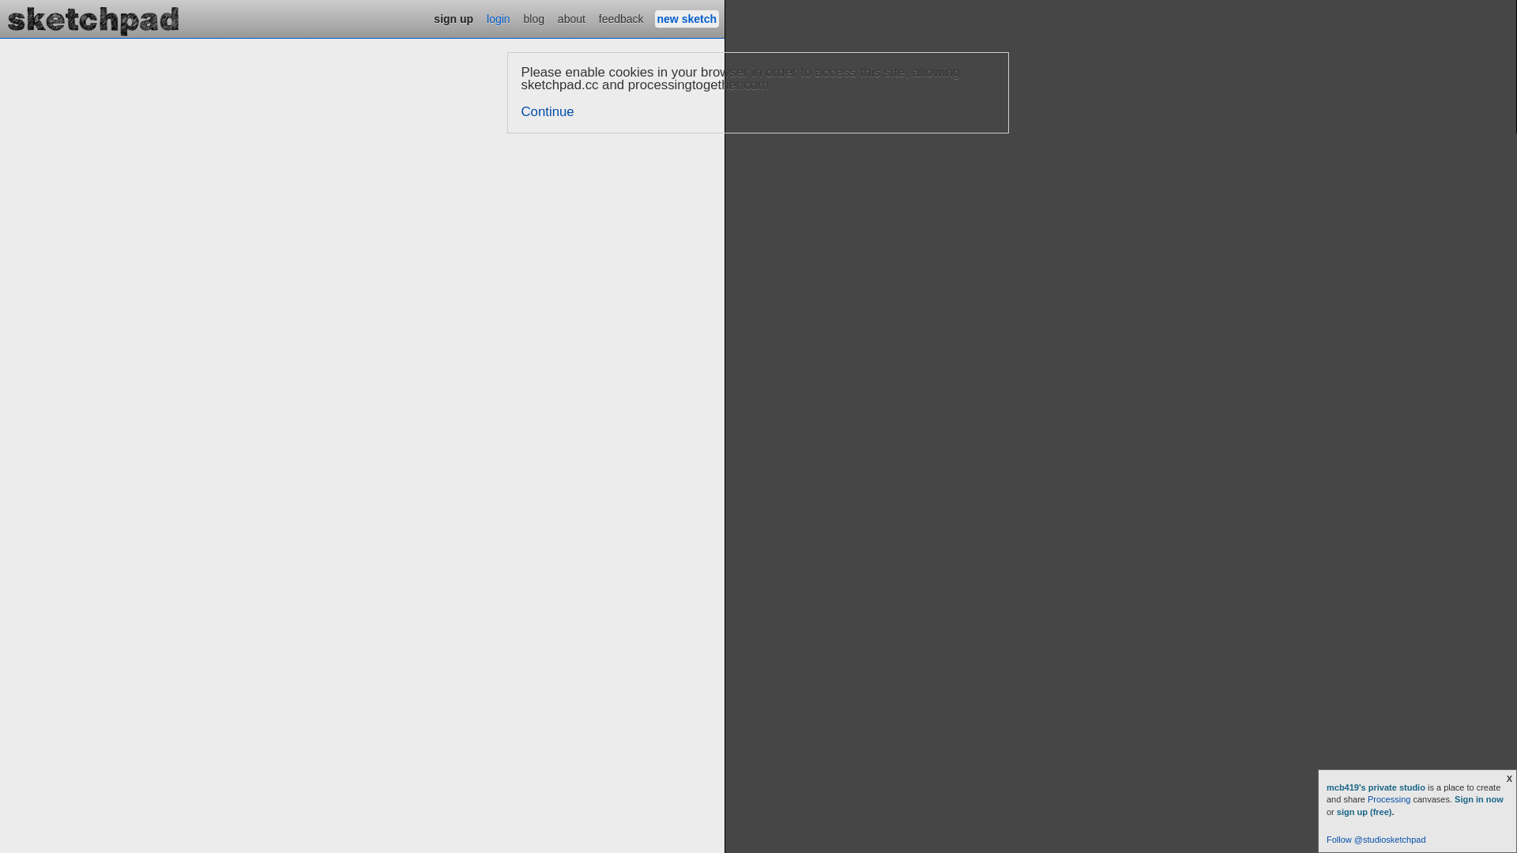 The height and width of the screenshot is (853, 1517). What do you see at coordinates (570, 18) in the screenshot?
I see `'about'` at bounding box center [570, 18].